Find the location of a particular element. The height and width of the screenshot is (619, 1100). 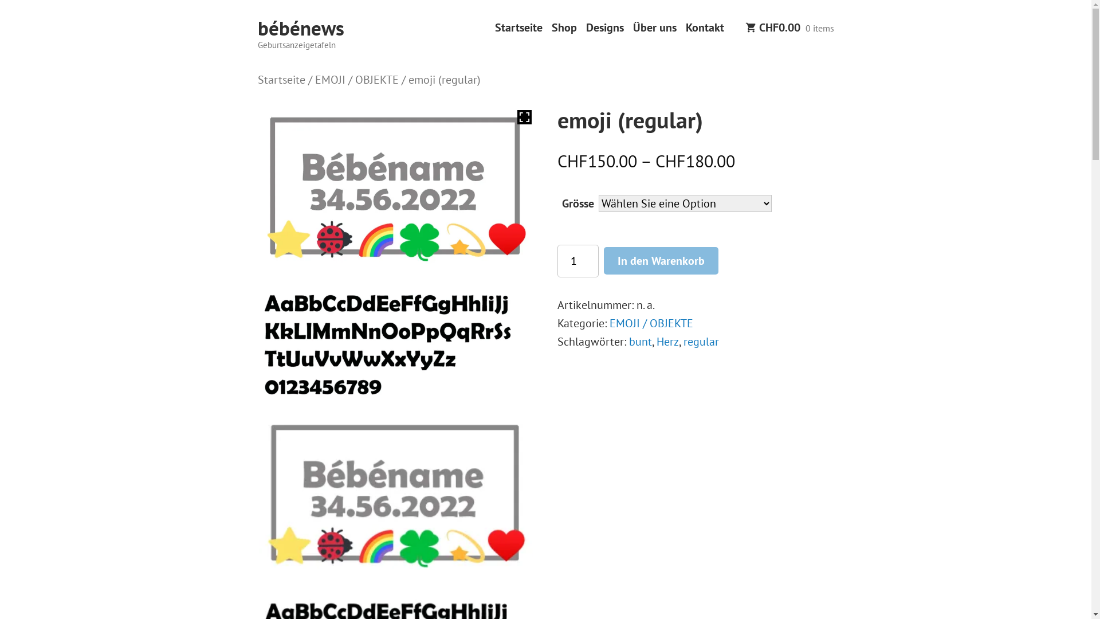

'Kontakt' is located at coordinates (704, 27).